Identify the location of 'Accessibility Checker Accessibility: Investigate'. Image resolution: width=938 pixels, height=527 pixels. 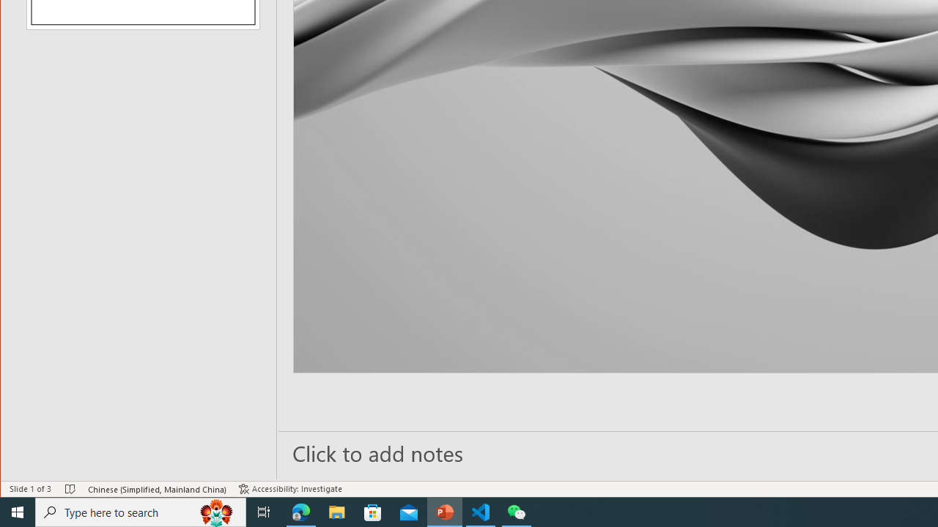
(290, 489).